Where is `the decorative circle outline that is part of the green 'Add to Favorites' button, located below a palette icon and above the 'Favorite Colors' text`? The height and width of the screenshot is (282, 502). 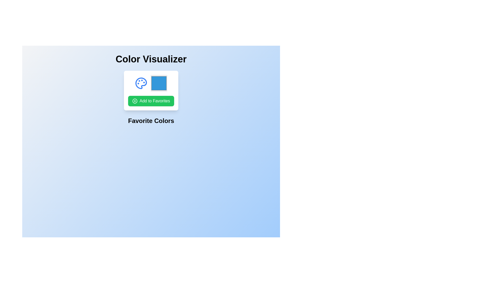
the decorative circle outline that is part of the green 'Add to Favorites' button, located below a palette icon and above the 'Favorite Colors' text is located at coordinates (135, 101).